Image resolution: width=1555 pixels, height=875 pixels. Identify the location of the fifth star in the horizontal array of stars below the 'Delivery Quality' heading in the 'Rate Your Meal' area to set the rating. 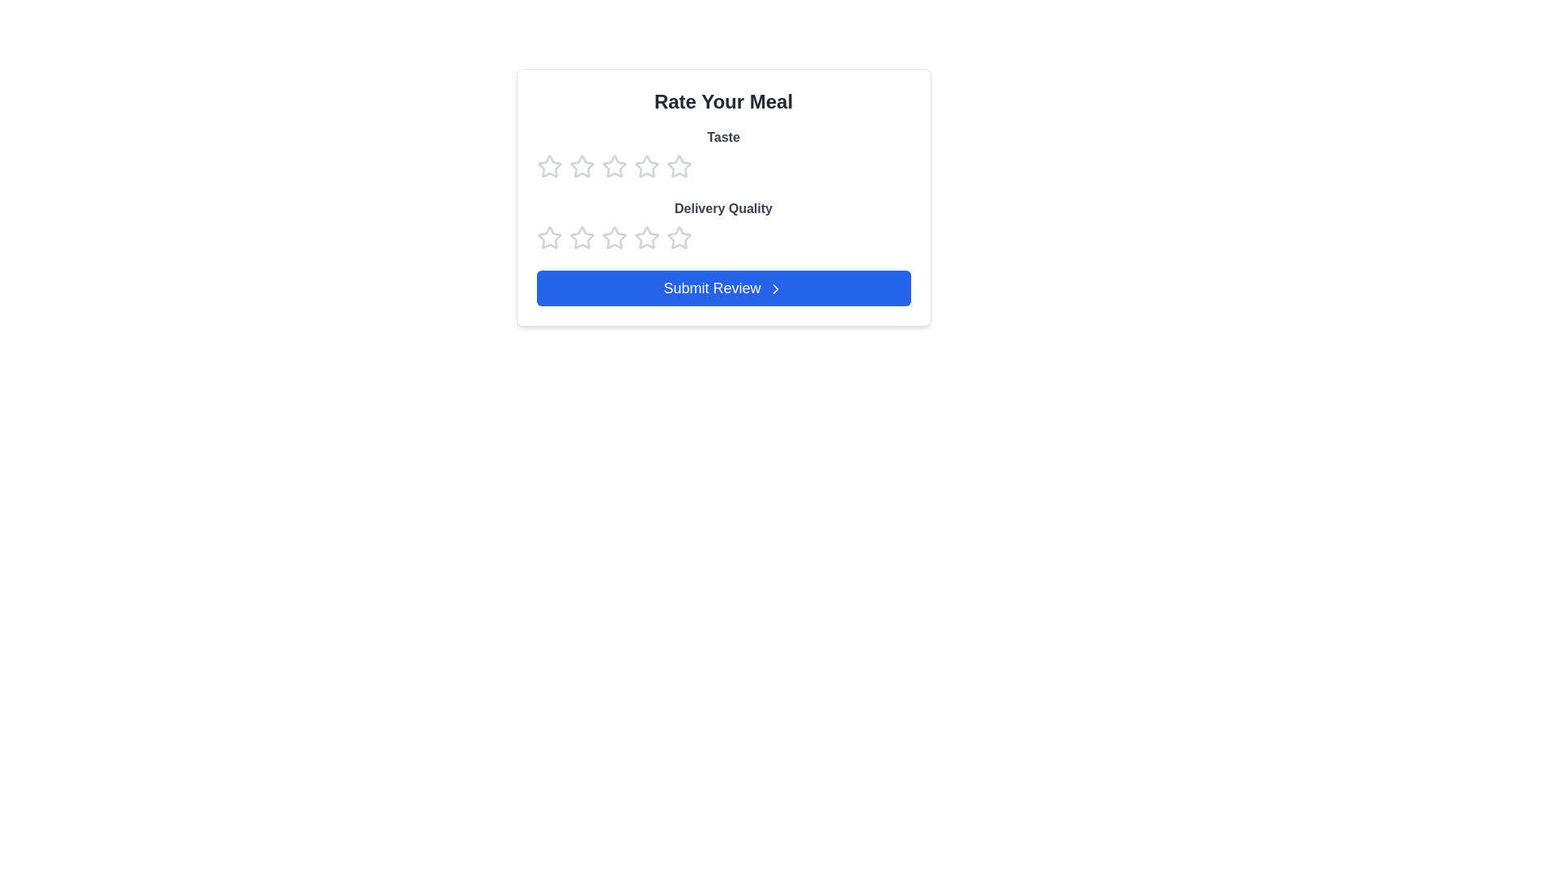
(679, 237).